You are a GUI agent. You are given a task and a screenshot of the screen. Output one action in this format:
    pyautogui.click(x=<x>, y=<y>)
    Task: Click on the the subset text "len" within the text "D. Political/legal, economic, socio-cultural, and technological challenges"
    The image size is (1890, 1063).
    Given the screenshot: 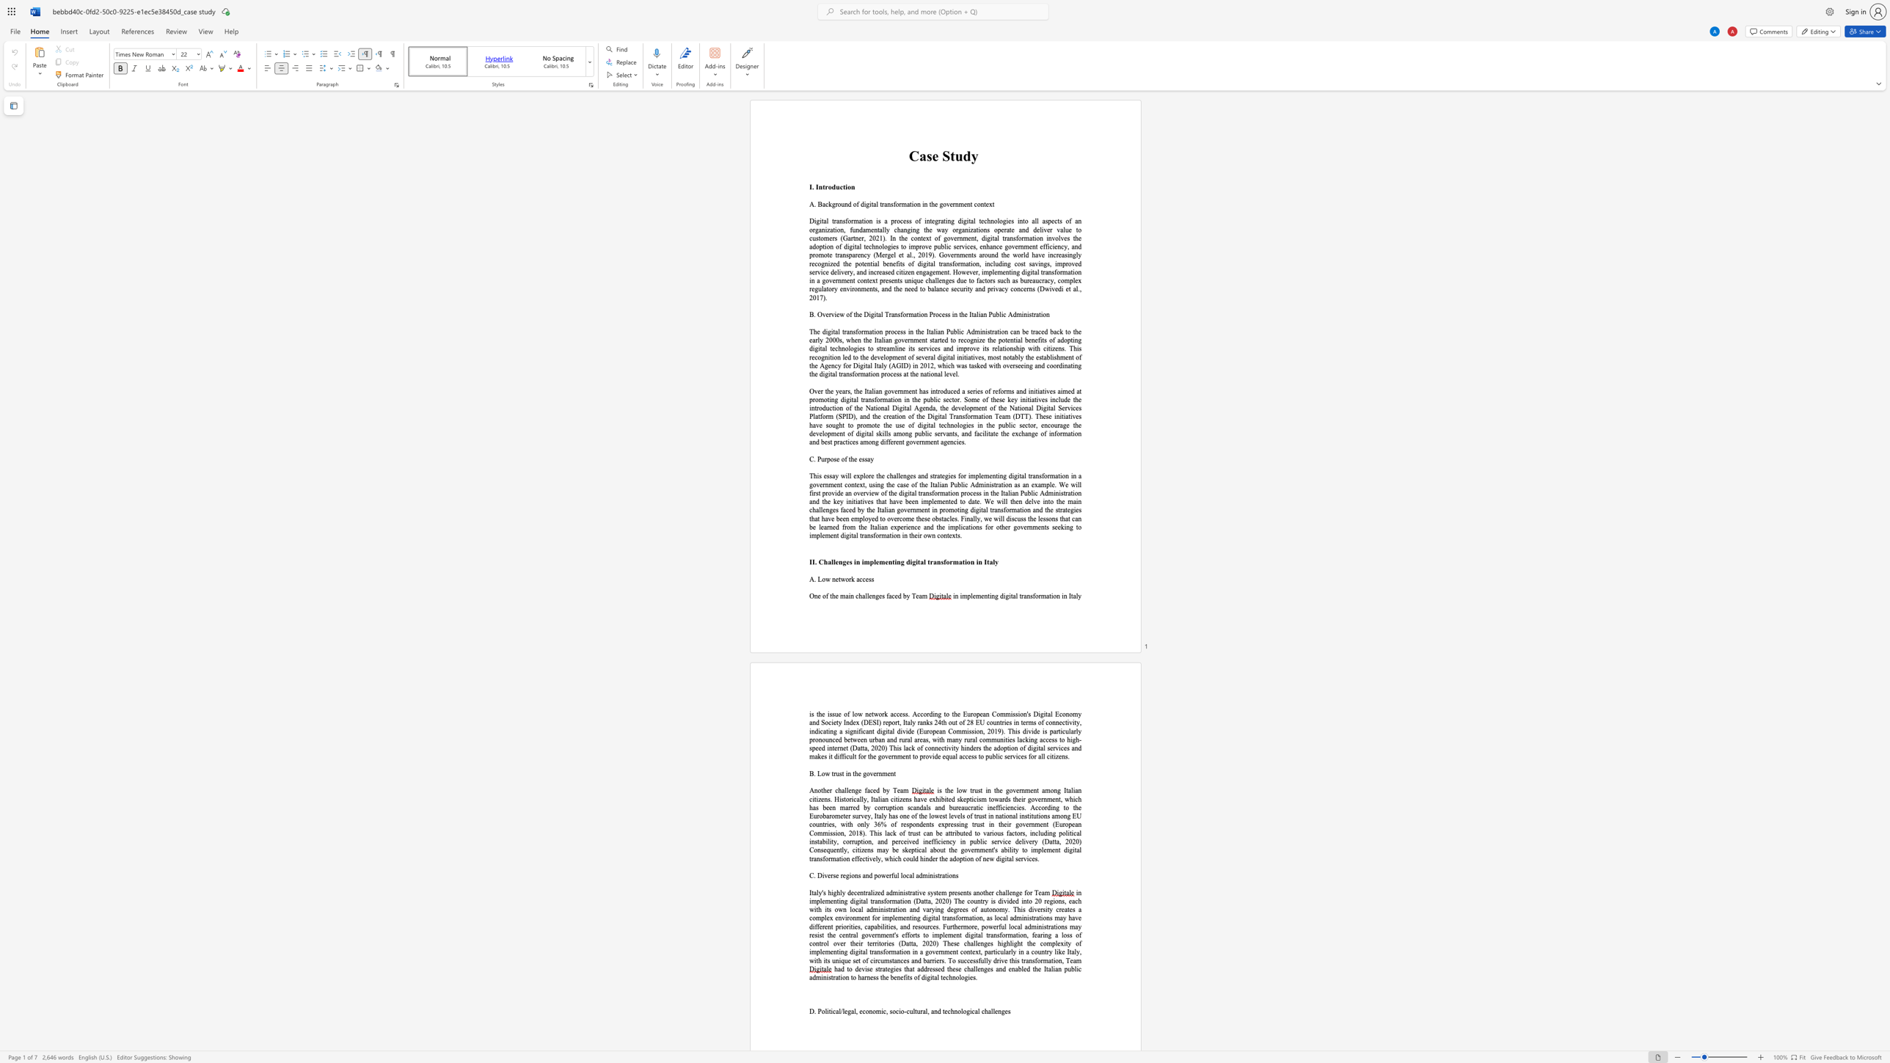 What is the action you would take?
    pyautogui.click(x=992, y=1011)
    